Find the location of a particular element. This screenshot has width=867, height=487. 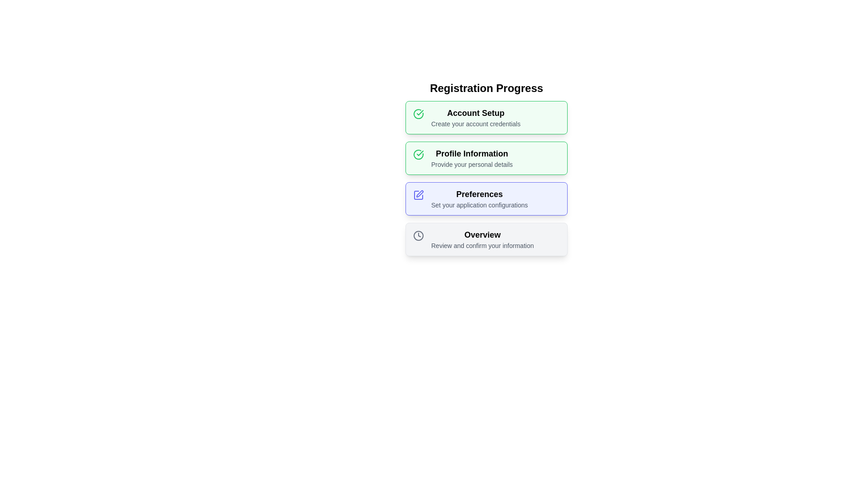

descriptive text label located below the 'Account Setup' heading, which provides guidance for the account setup process is located at coordinates (475, 124).